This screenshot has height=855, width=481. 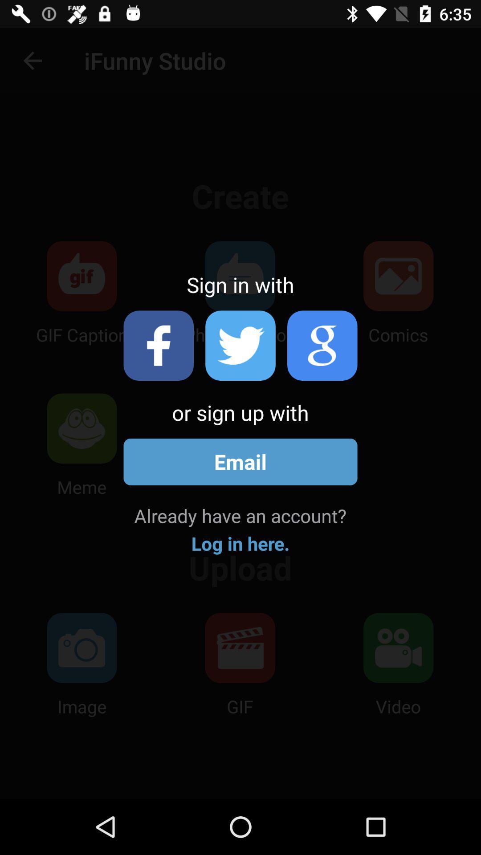 What do you see at coordinates (240, 345) in the screenshot?
I see `sign in with twitter` at bounding box center [240, 345].